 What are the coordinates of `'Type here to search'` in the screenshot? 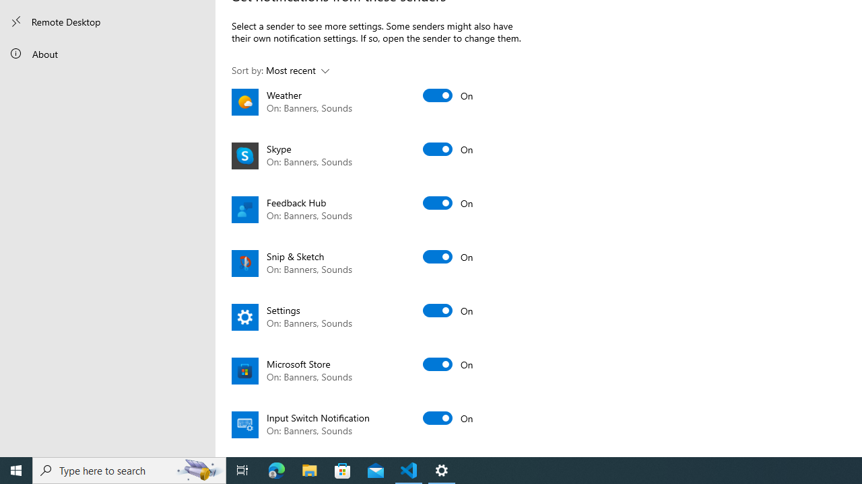 It's located at (129, 469).